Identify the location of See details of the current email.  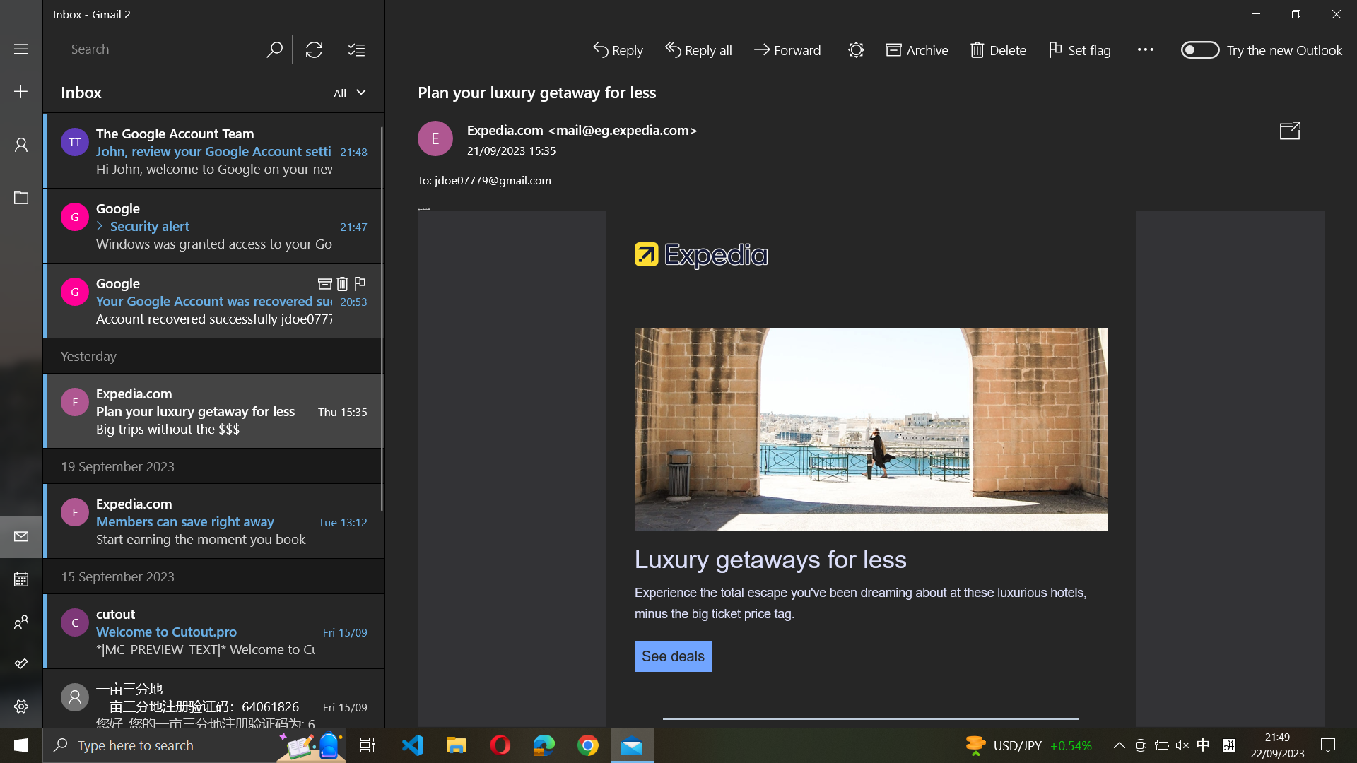
(672, 655).